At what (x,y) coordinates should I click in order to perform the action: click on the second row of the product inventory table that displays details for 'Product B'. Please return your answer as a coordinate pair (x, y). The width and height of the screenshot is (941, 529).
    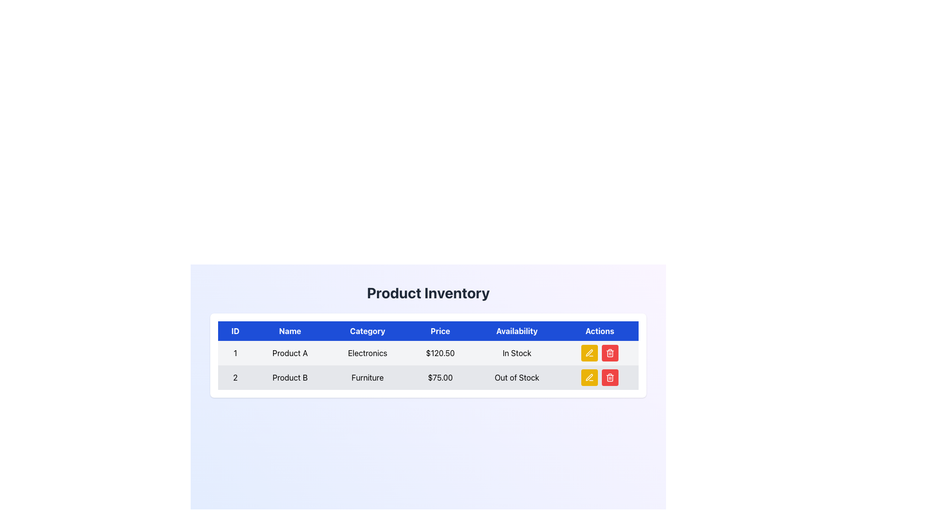
    Looking at the image, I should click on (428, 377).